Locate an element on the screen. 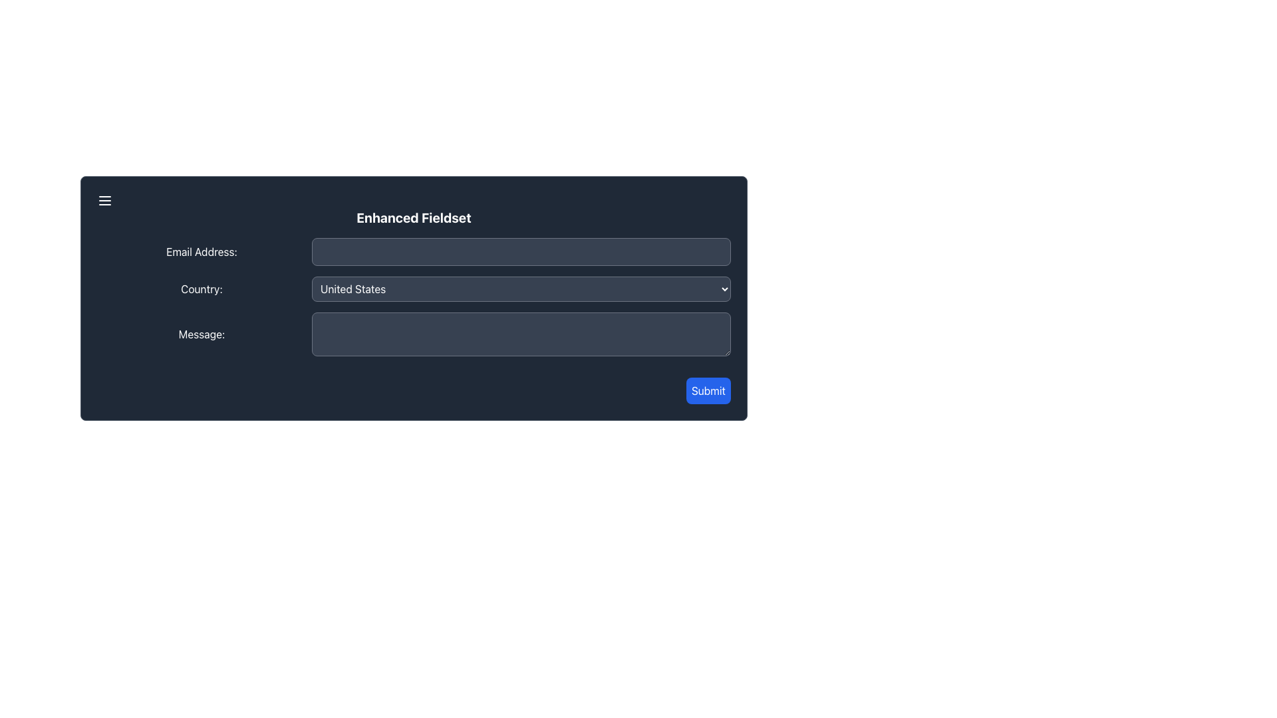  the 'Submit' button, which is a rectangular button with a blue background and white text, located at the bottom right corner of the form interface is located at coordinates (708, 390).